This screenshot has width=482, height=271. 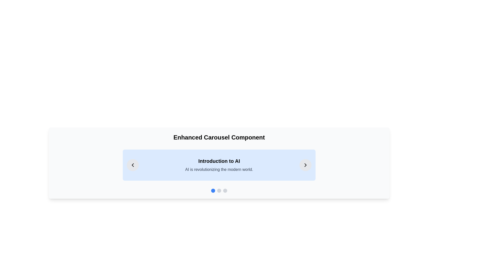 What do you see at coordinates (219, 190) in the screenshot?
I see `the second circular Indicator Dot located below the carousel's content display area` at bounding box center [219, 190].